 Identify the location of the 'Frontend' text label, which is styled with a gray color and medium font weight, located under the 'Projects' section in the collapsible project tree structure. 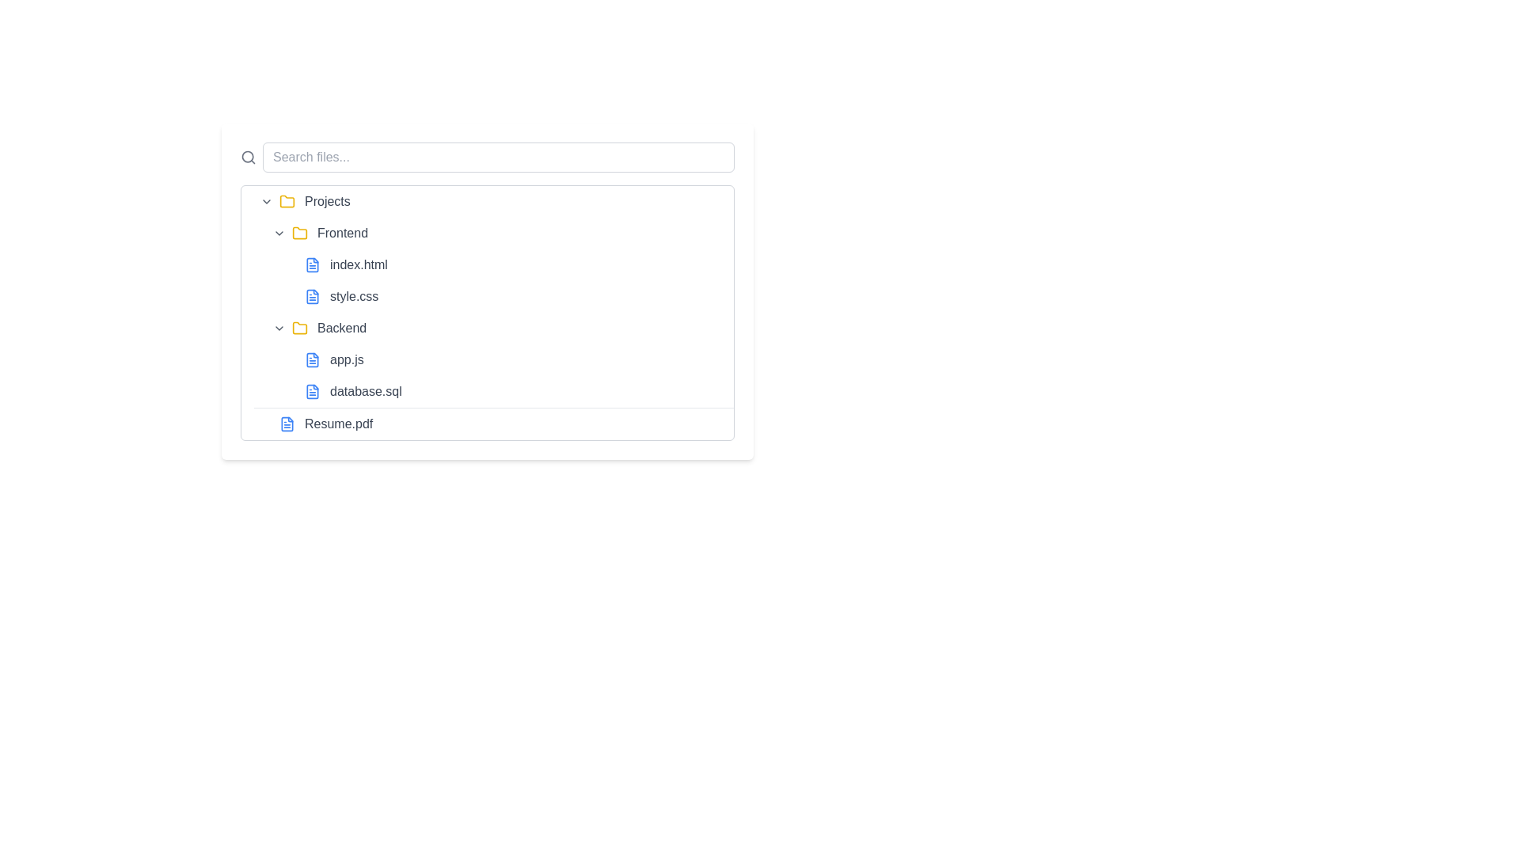
(341, 233).